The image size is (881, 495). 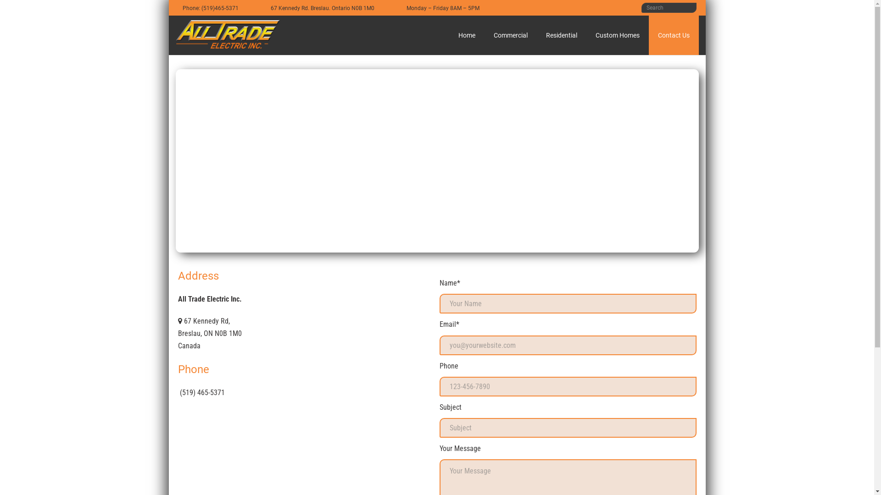 I want to click on 'Commercial', so click(x=510, y=35).